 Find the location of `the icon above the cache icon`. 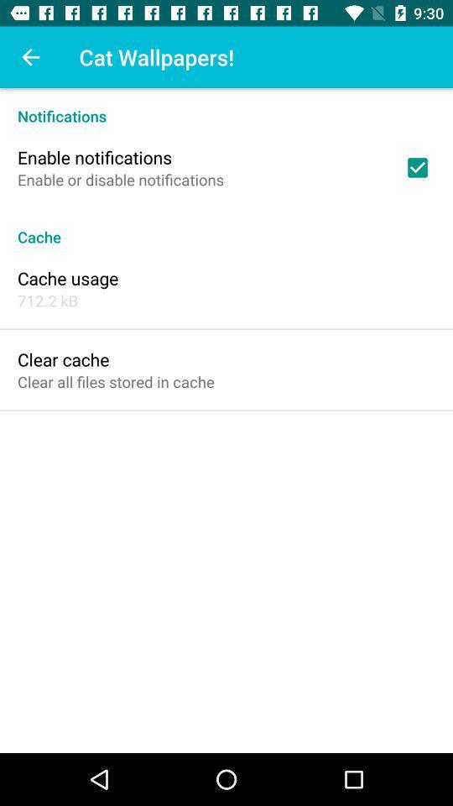

the icon above the cache icon is located at coordinates (416, 167).